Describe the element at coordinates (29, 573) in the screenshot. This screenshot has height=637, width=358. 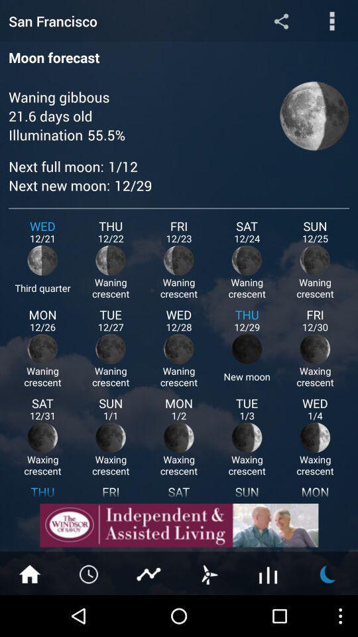
I see `the homepage` at that location.